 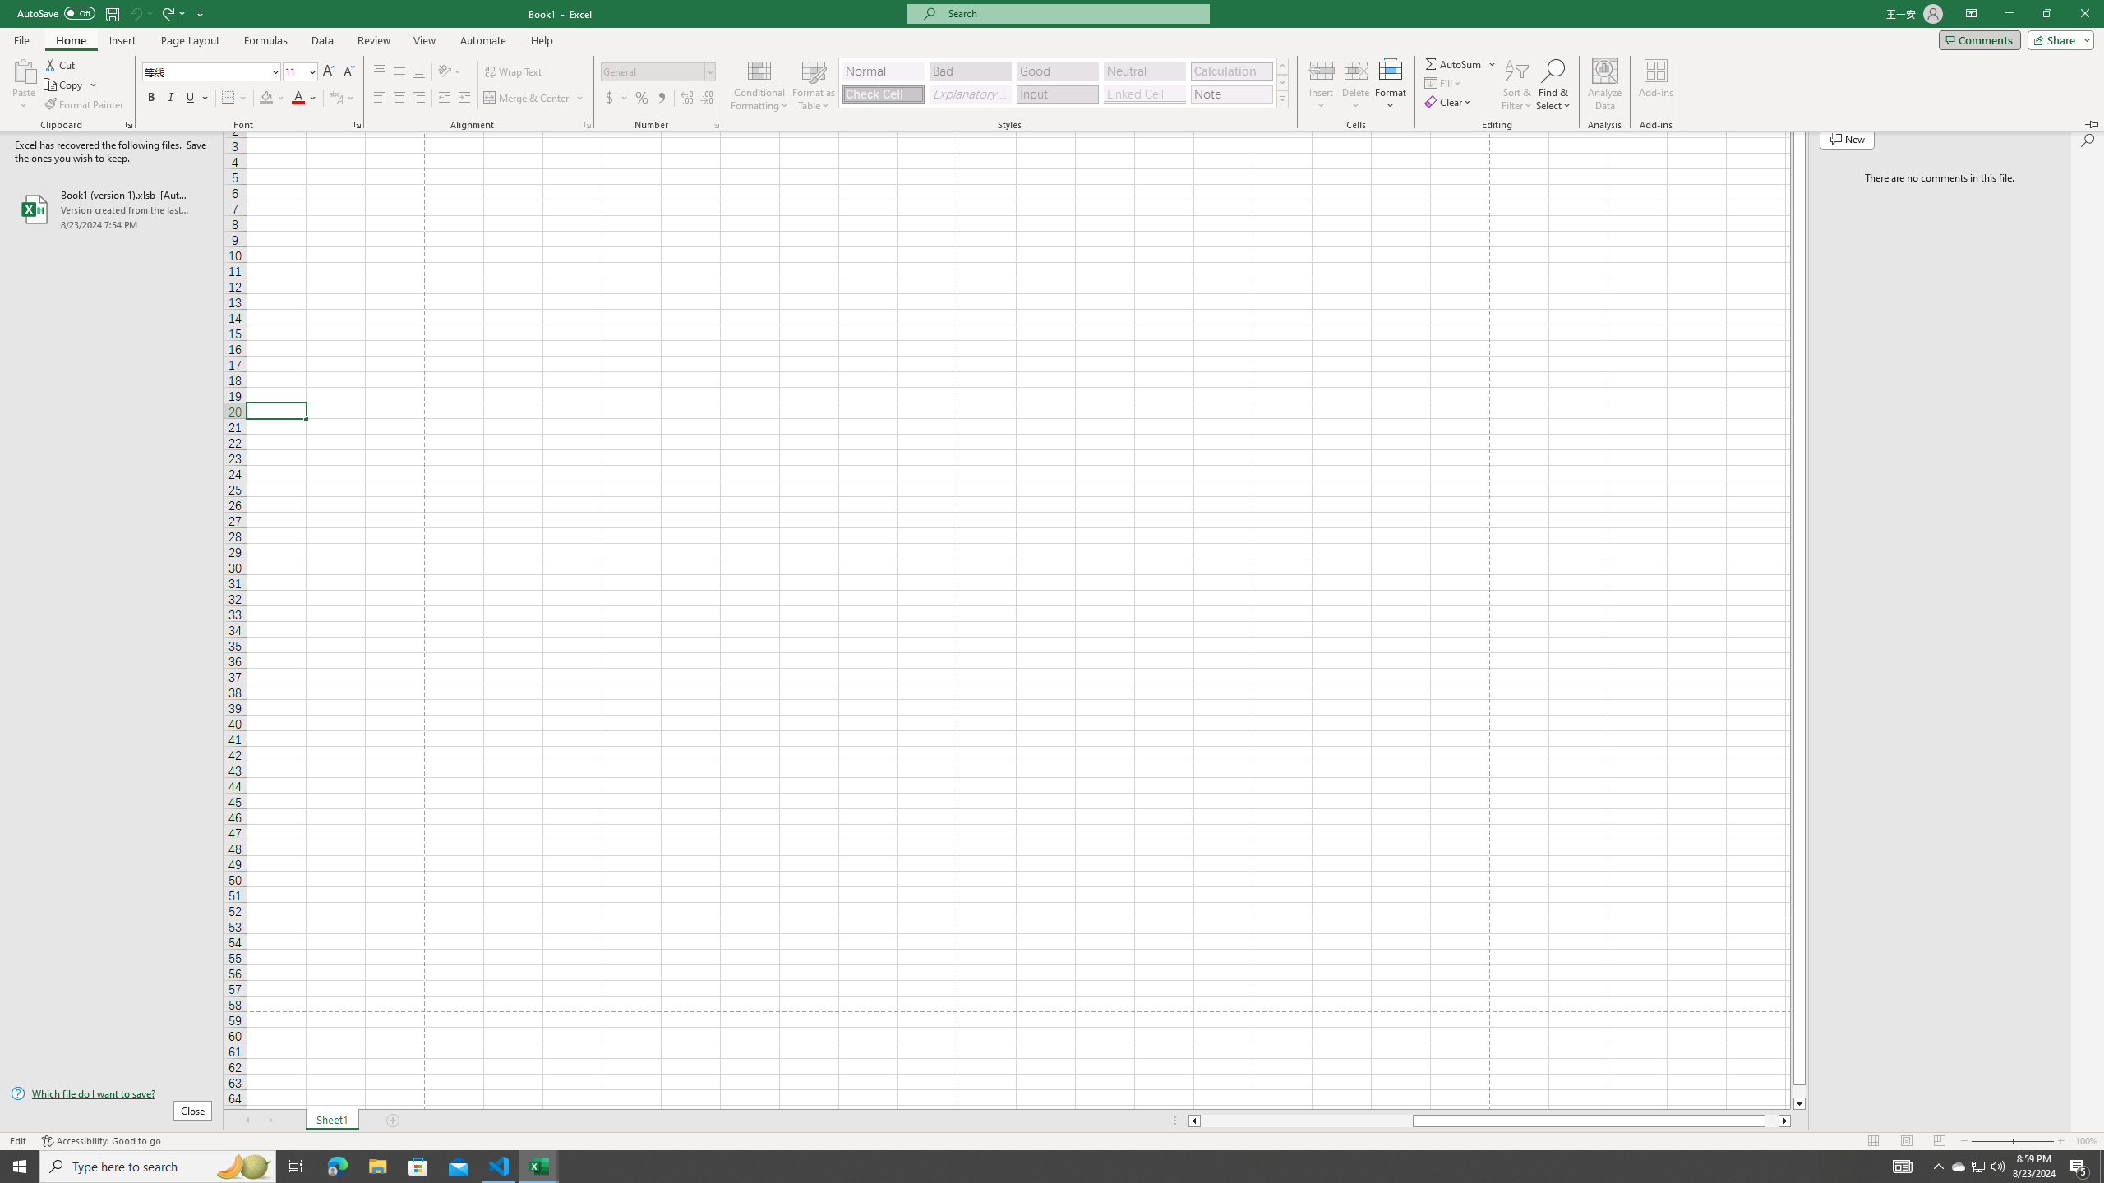 I want to click on 'Show desktop', so click(x=2101, y=1165).